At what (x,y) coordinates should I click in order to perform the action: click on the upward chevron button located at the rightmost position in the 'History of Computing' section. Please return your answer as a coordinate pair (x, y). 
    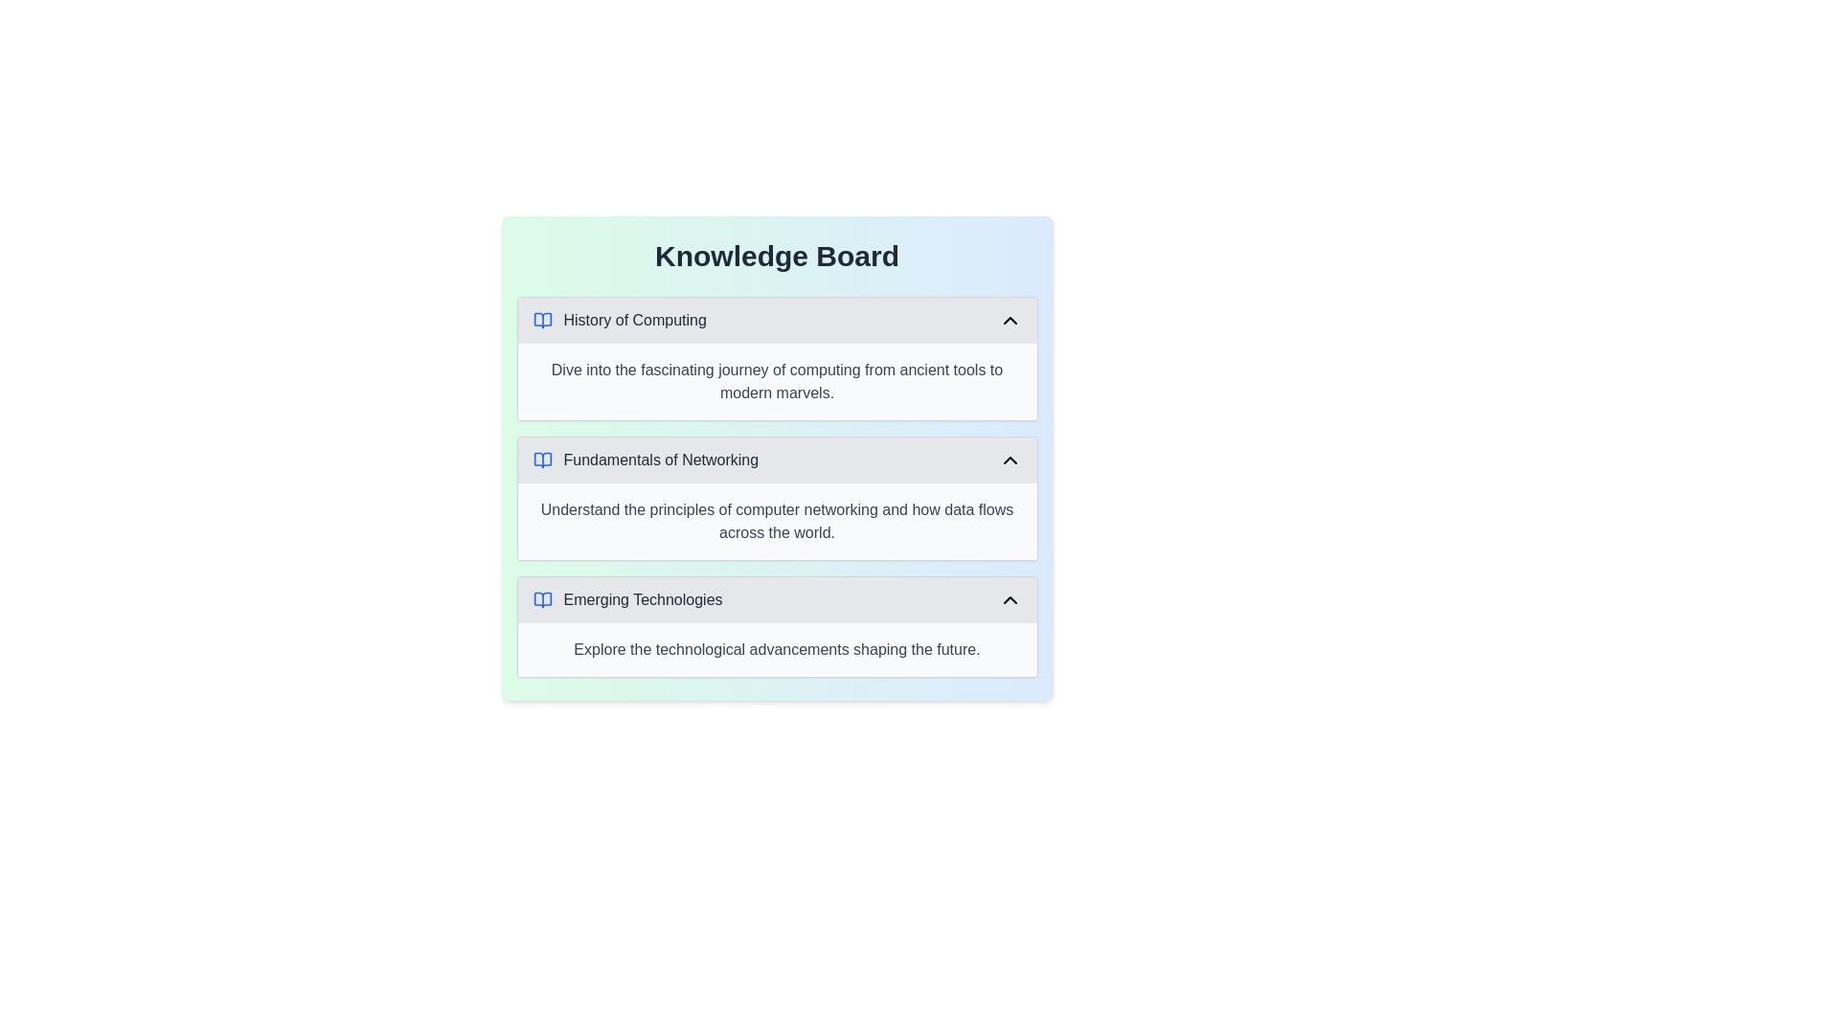
    Looking at the image, I should click on (1009, 320).